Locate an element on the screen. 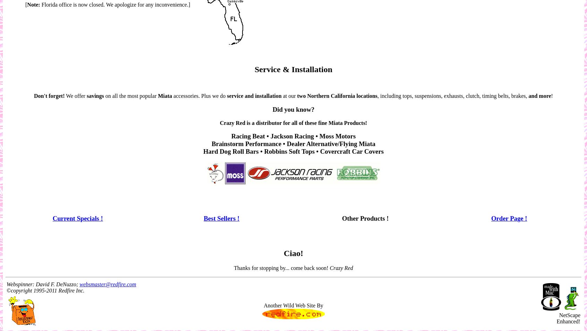  '©copyright 1995-2011 Redfire Inc.' is located at coordinates (45, 290).